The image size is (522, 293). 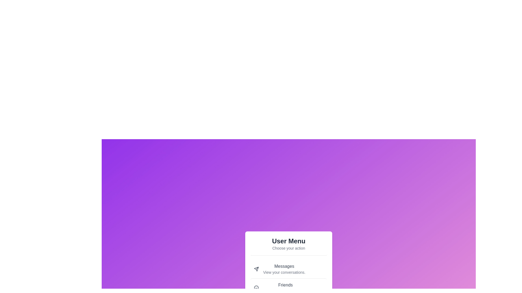 What do you see at coordinates (288, 269) in the screenshot?
I see `the menu item labeled 'Messages' to see its interaction effect` at bounding box center [288, 269].